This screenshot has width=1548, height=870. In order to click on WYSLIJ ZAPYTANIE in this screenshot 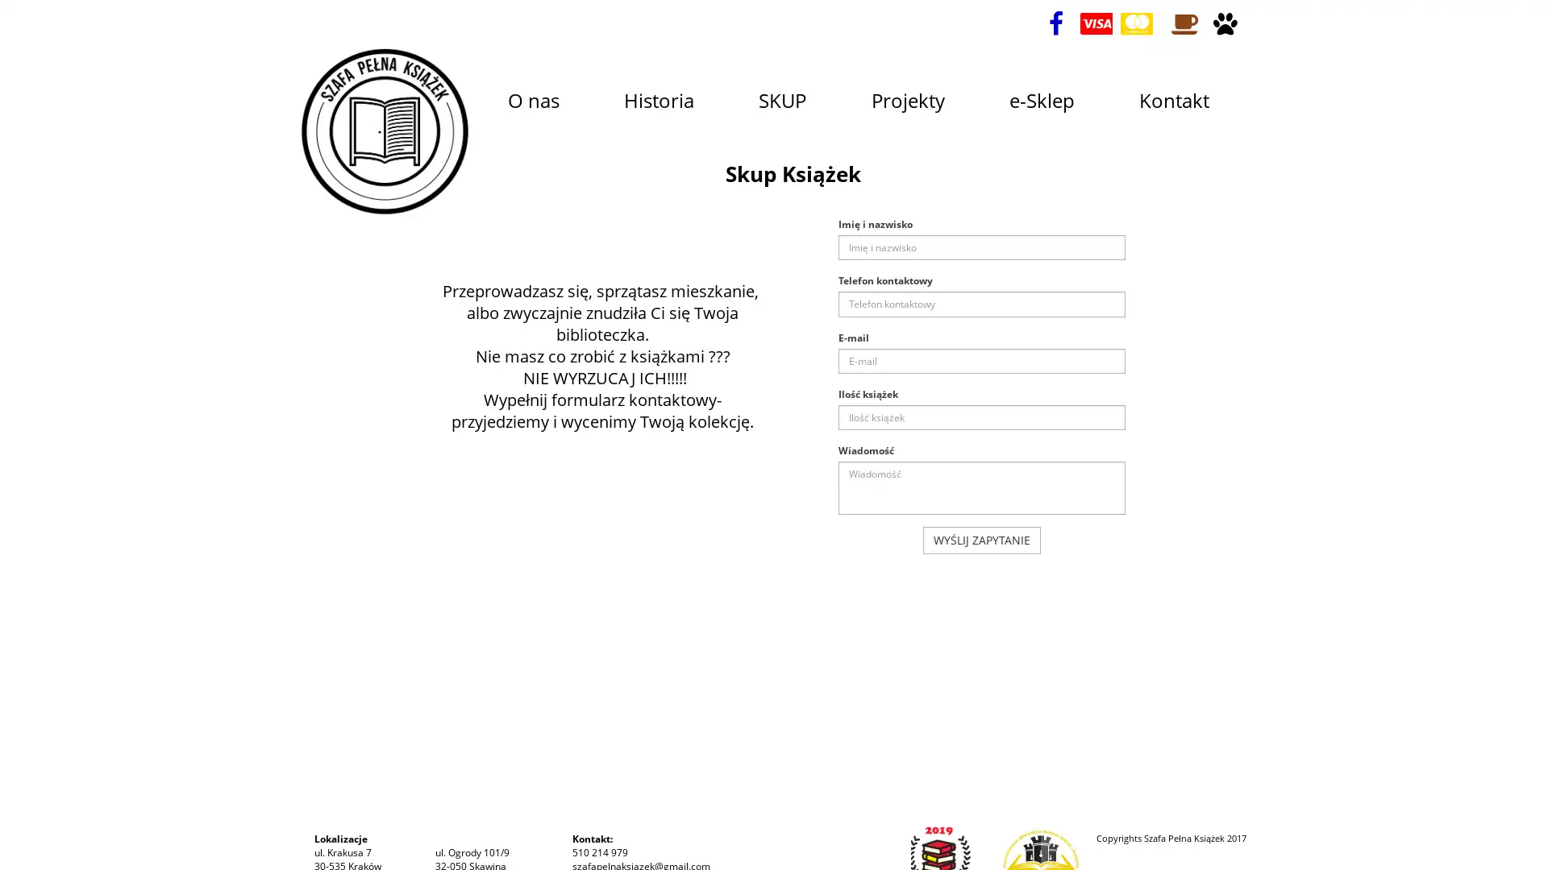, I will do `click(981, 540)`.